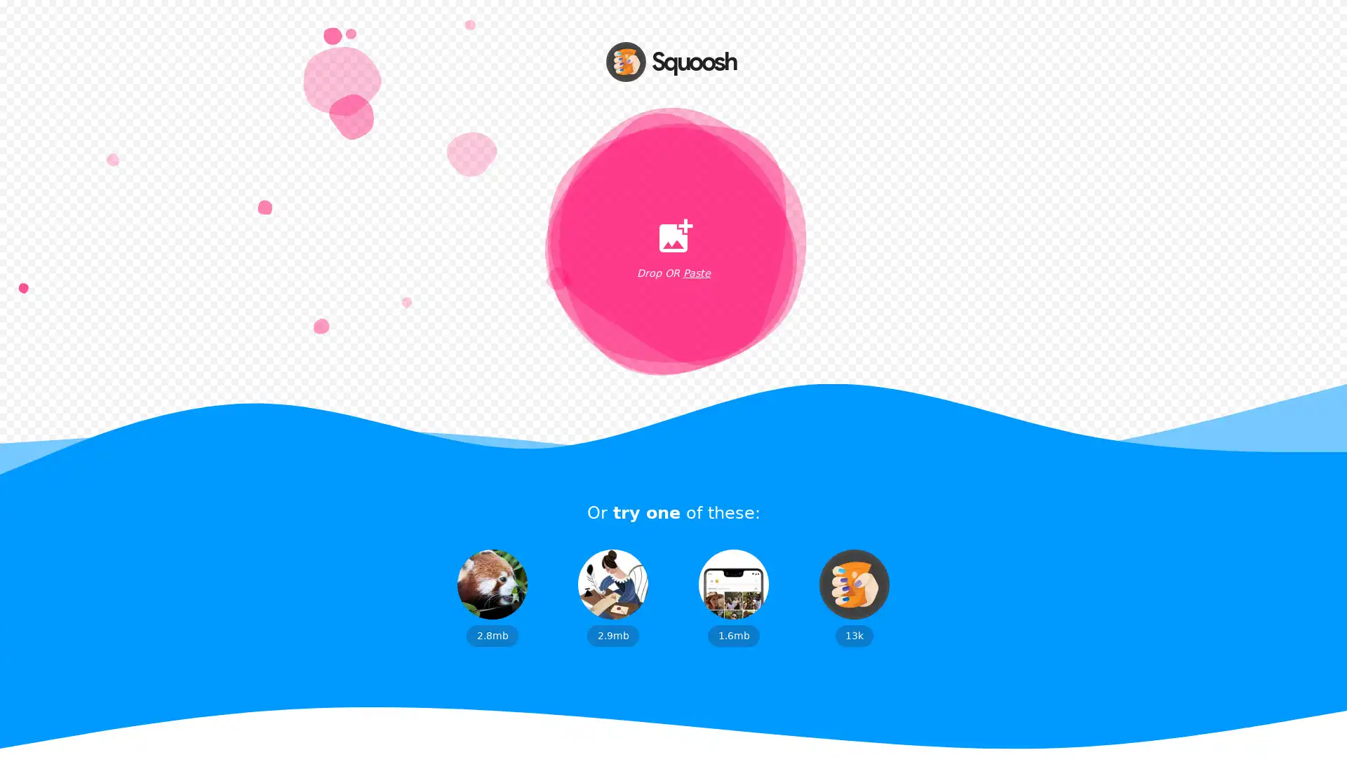 The image size is (1347, 757). I want to click on SVG icon 13k, so click(854, 597).